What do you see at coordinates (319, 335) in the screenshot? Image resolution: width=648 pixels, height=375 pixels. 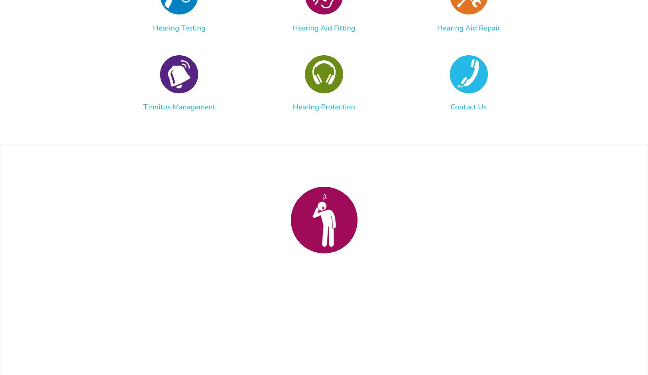 I see `'Hearing technology is moving fast.'` at bounding box center [319, 335].